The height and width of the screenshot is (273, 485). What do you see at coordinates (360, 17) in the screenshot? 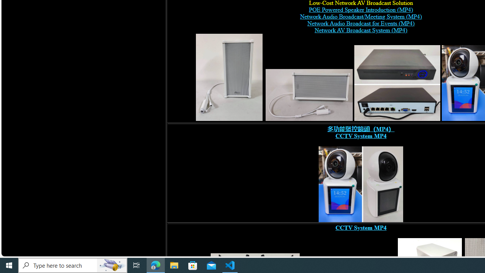
I see `'Network Audio Broadcast/Meeting System (MP4)'` at bounding box center [360, 17].